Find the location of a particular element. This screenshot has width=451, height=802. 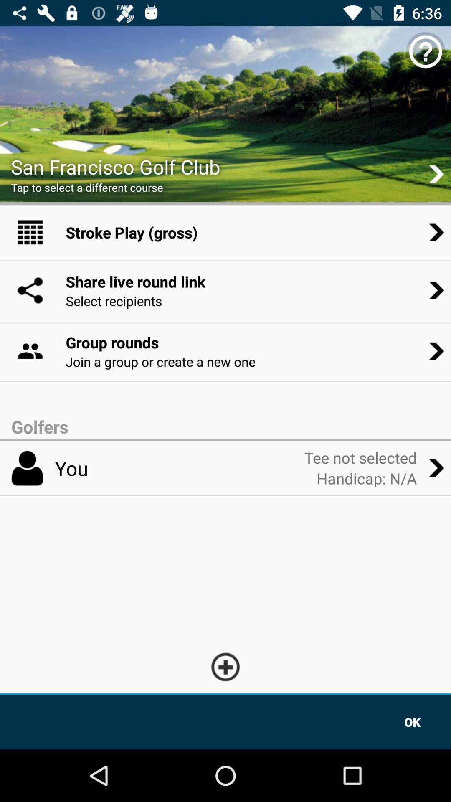

ok item is located at coordinates (412, 721).